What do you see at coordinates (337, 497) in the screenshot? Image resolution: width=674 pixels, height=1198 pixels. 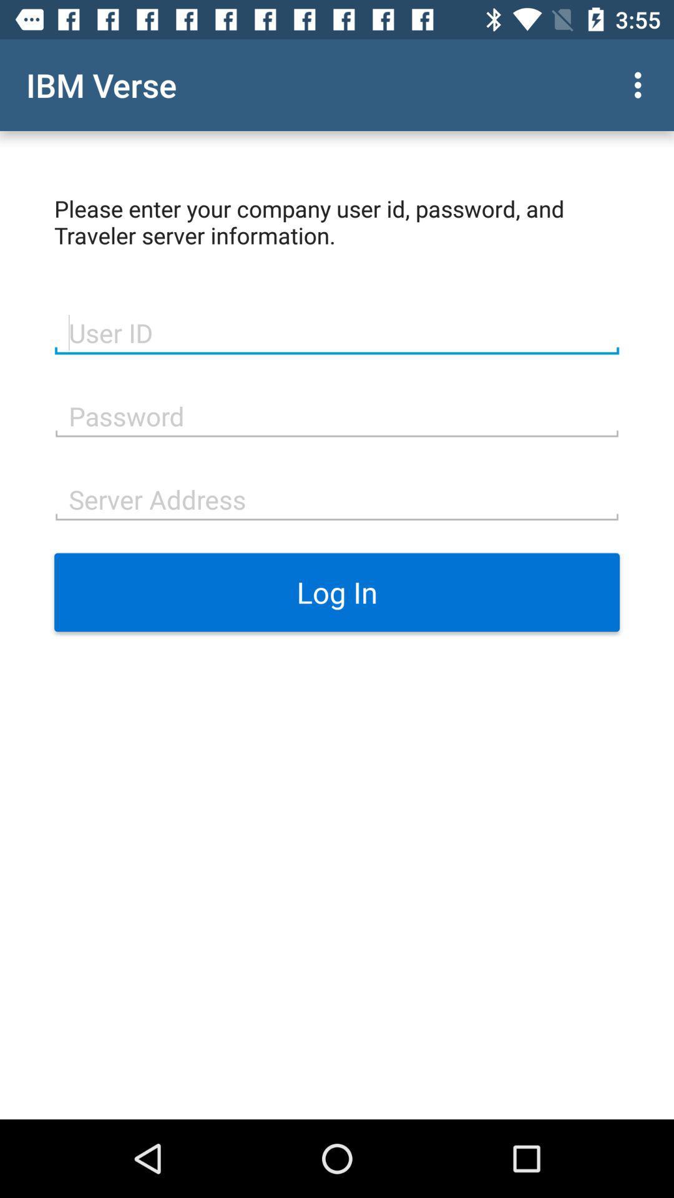 I see `icon above log in icon` at bounding box center [337, 497].